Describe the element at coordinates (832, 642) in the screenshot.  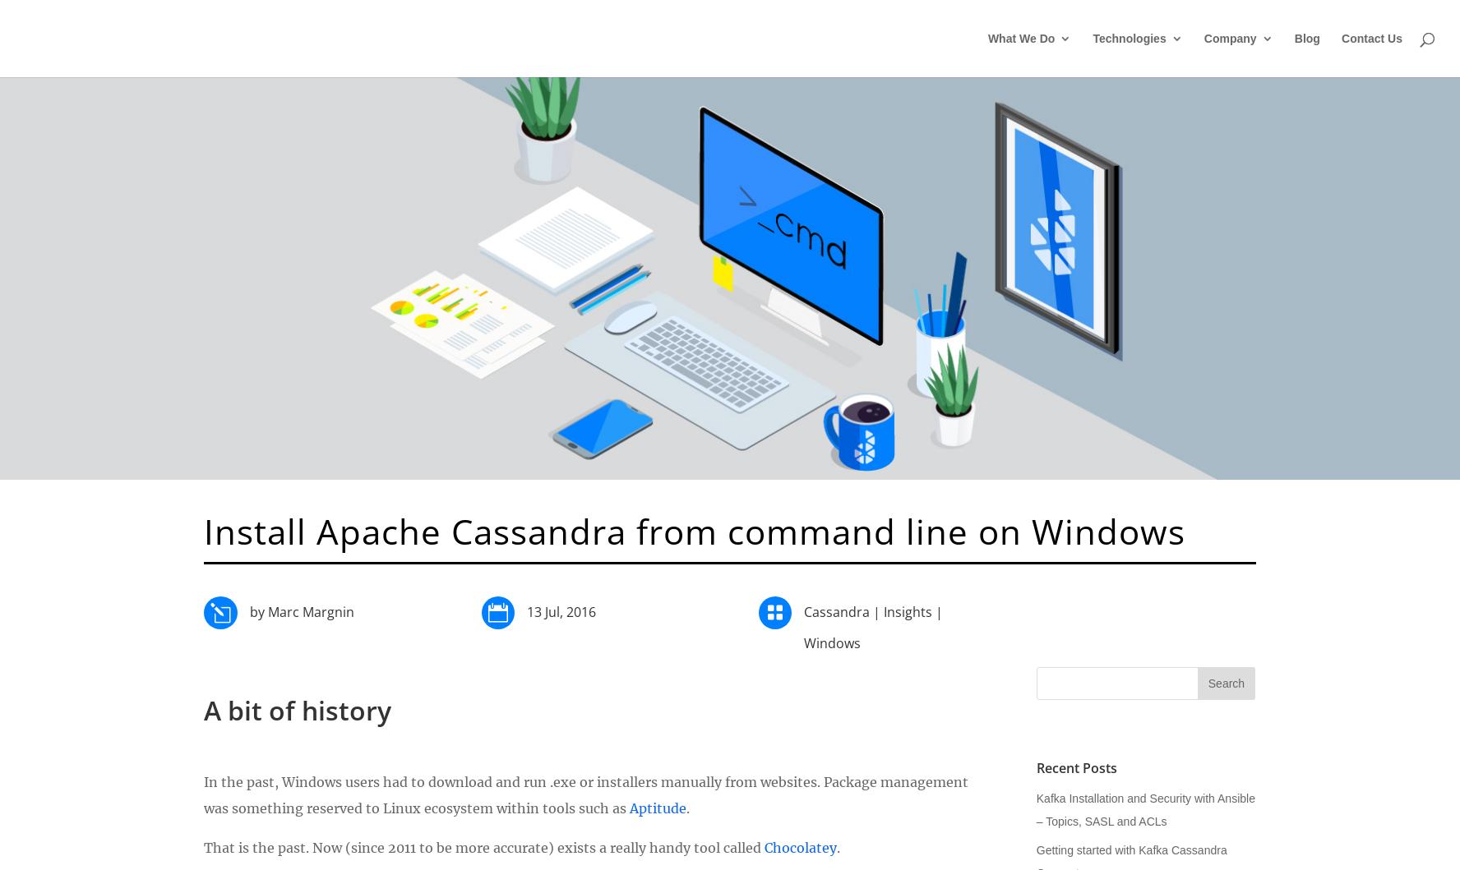
I see `'Windows'` at that location.